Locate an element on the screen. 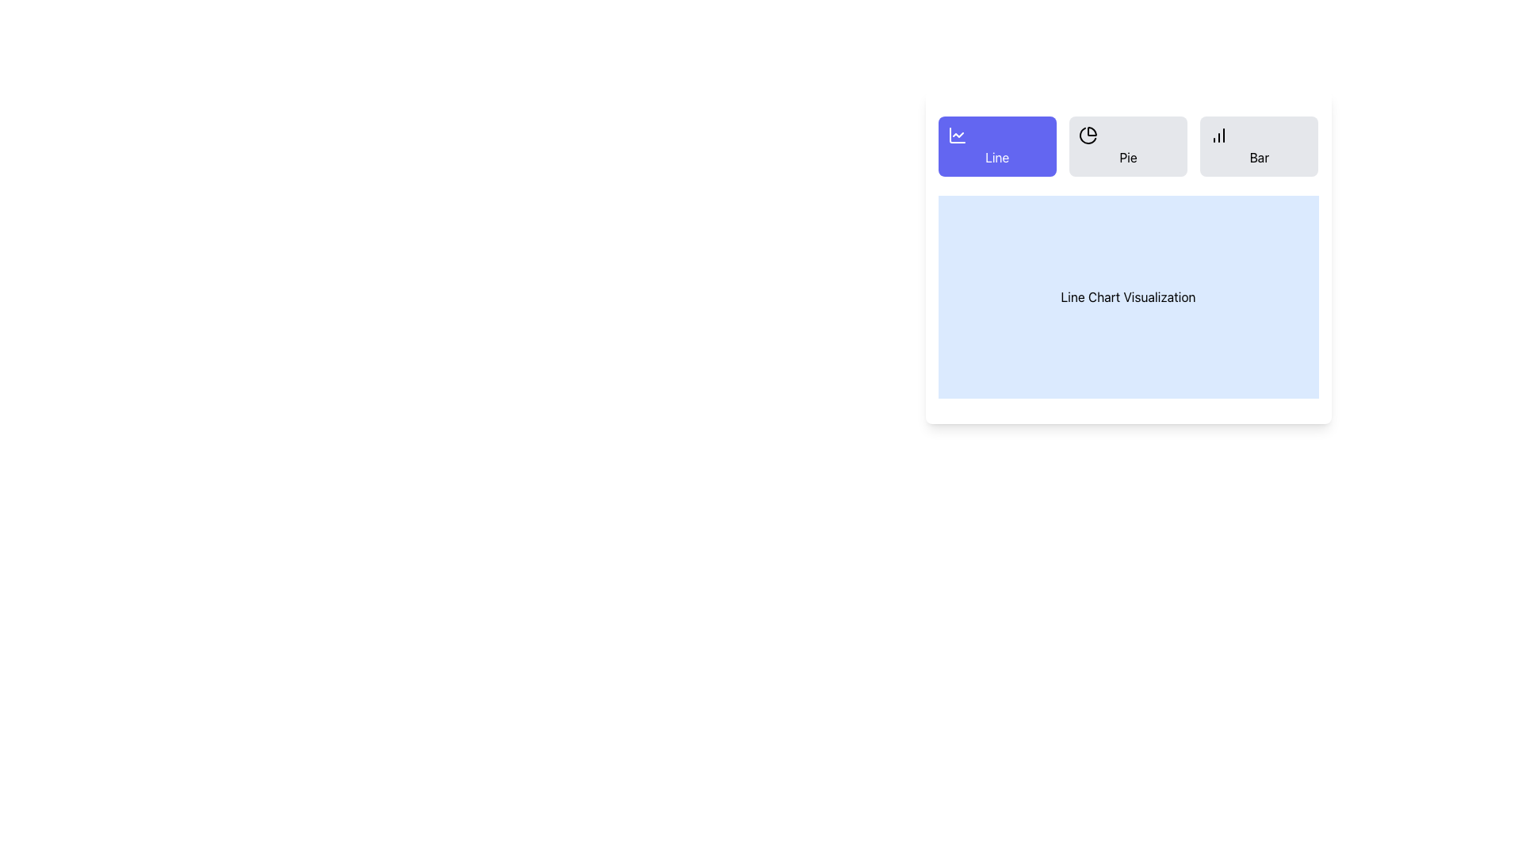  the 'Line' button which contains the line chart SVG icon for selecting the chart type is located at coordinates (956, 134).